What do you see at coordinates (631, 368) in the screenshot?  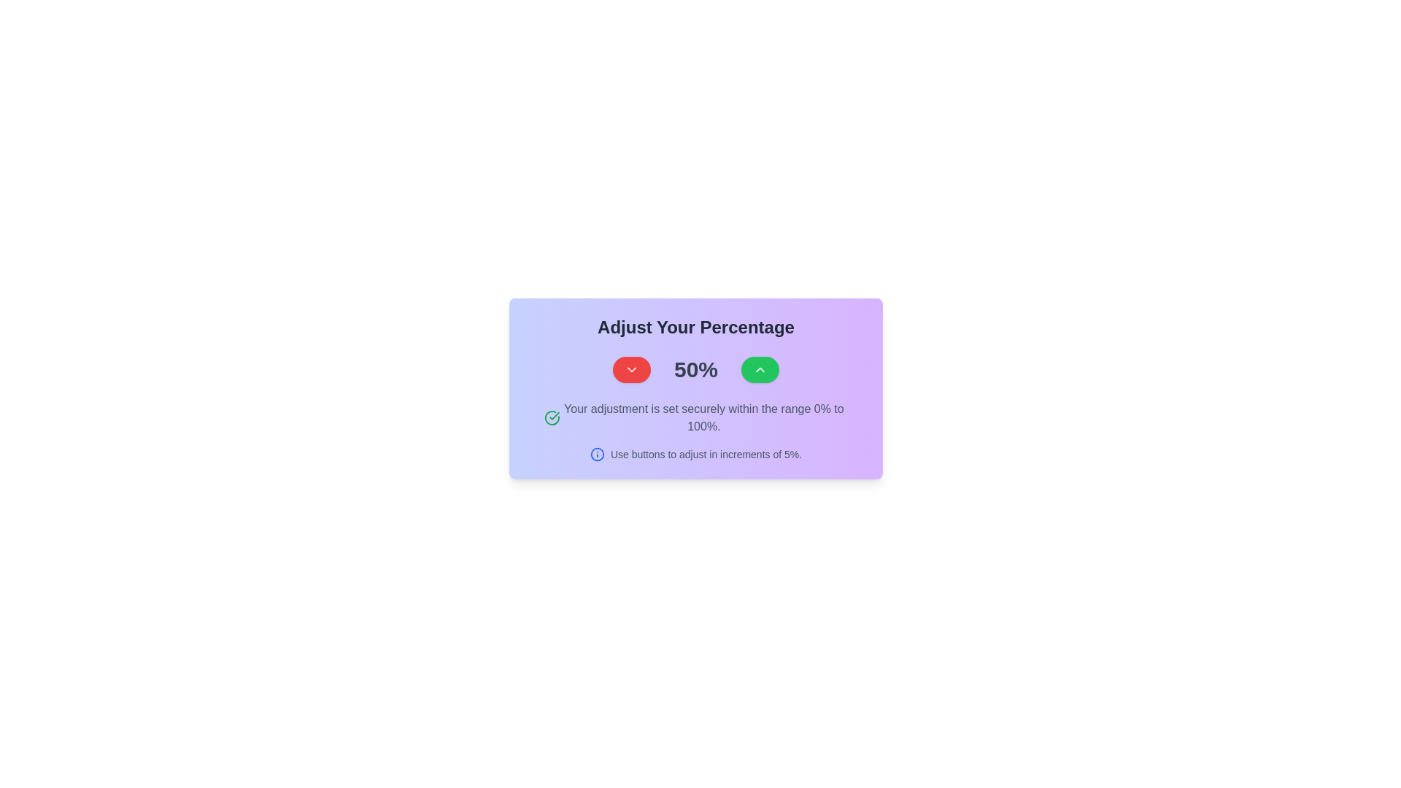 I see `the red circular button with a downward-facing chevron icon for interaction` at bounding box center [631, 368].